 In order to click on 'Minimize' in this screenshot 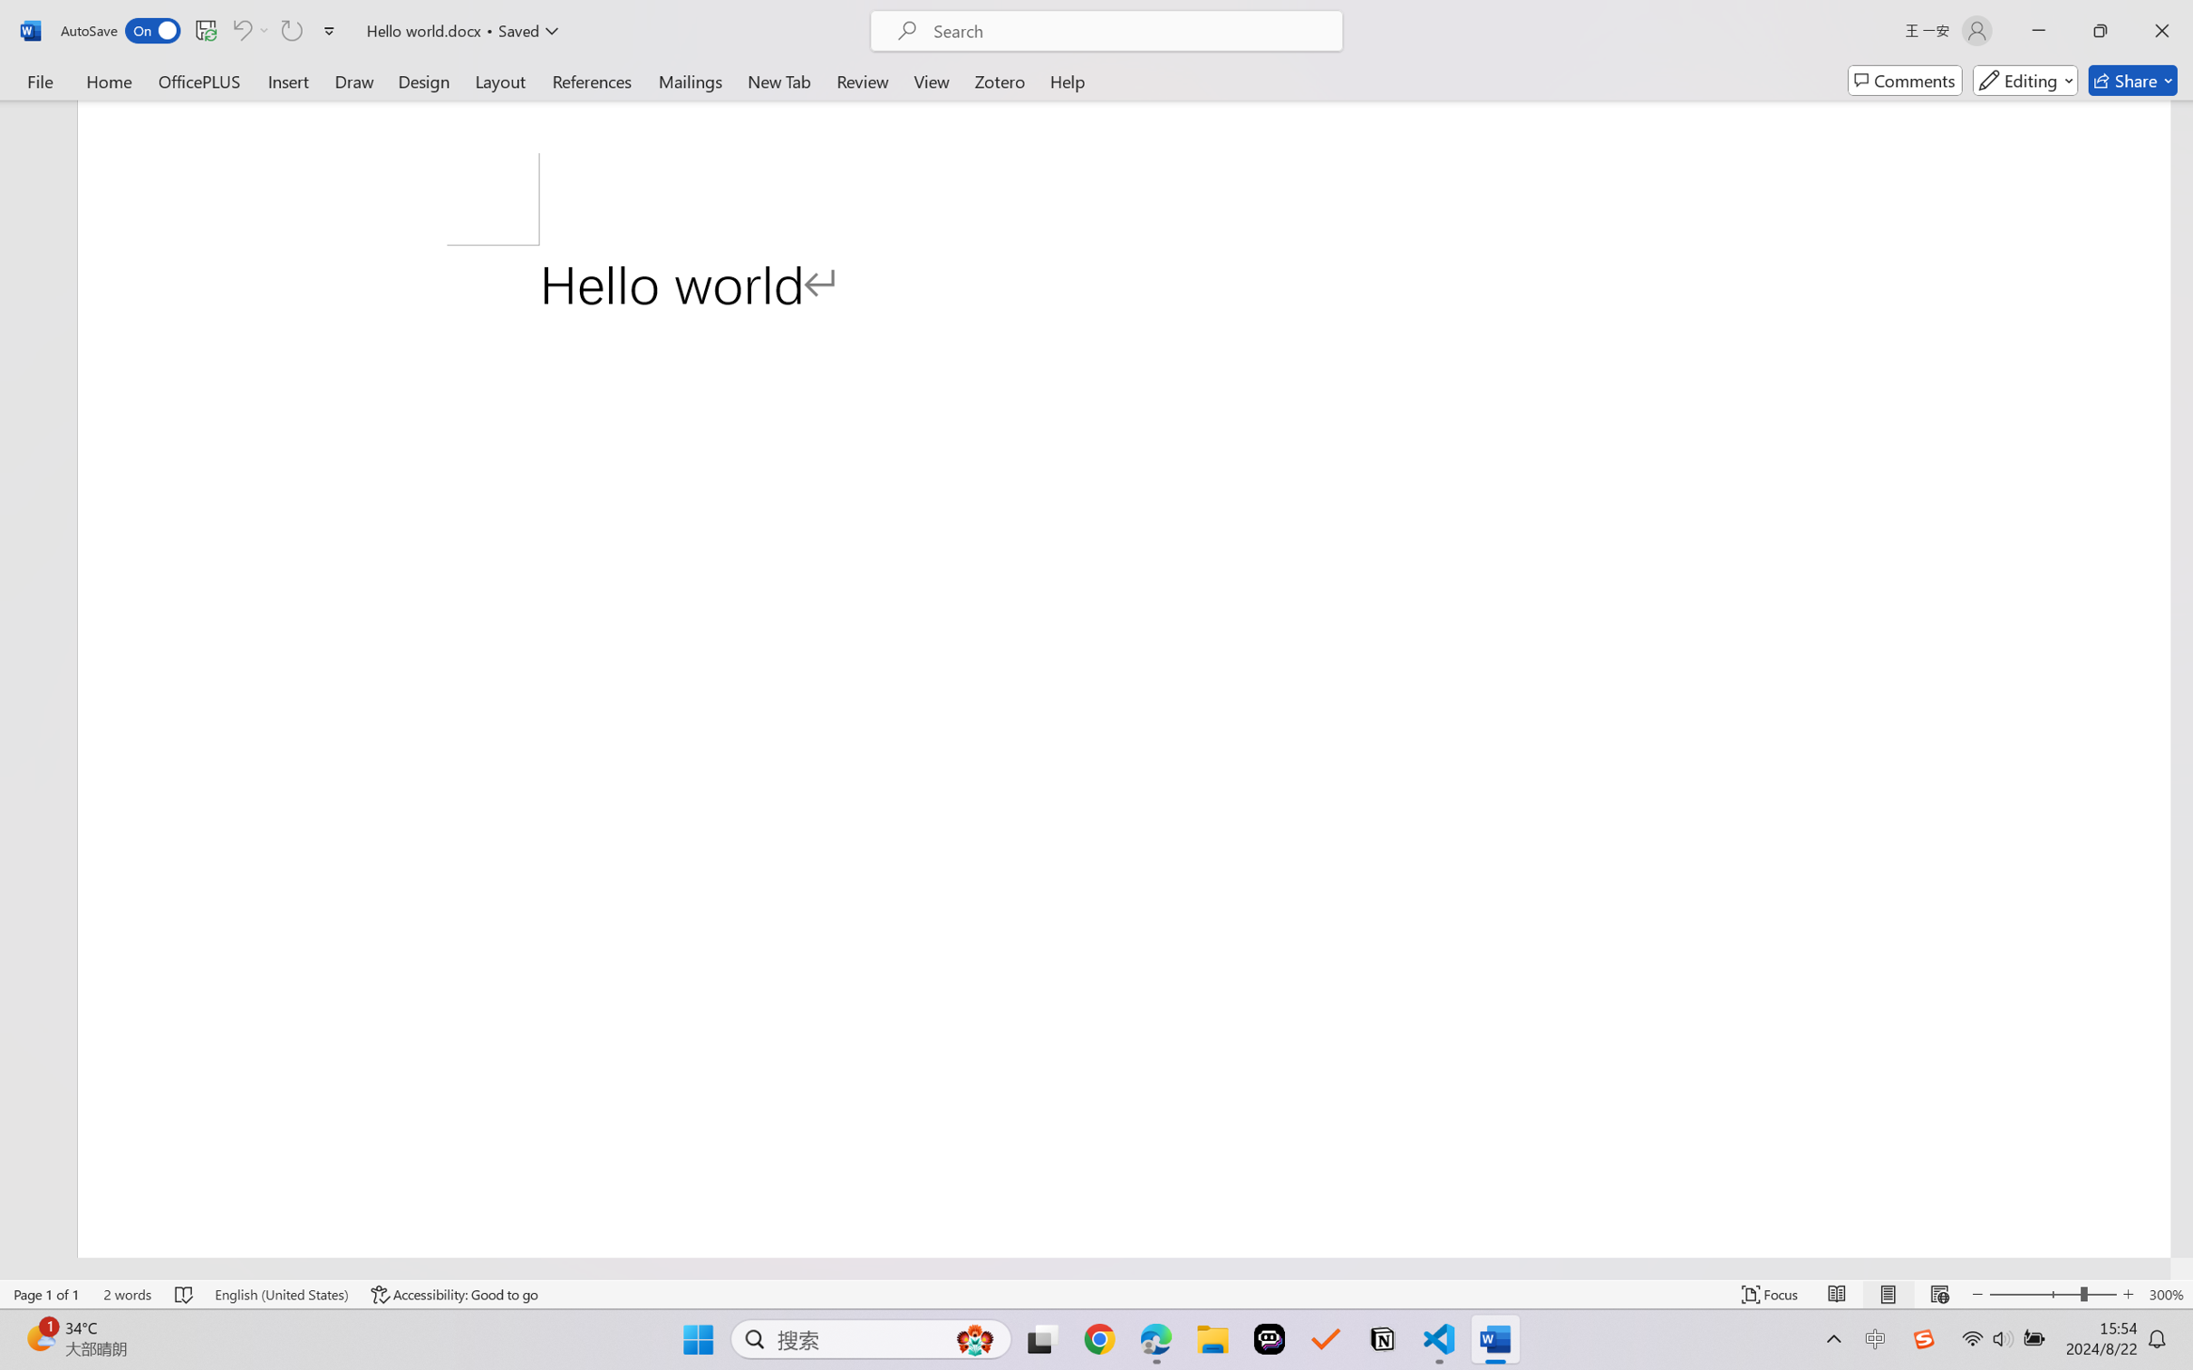, I will do `click(2039, 30)`.